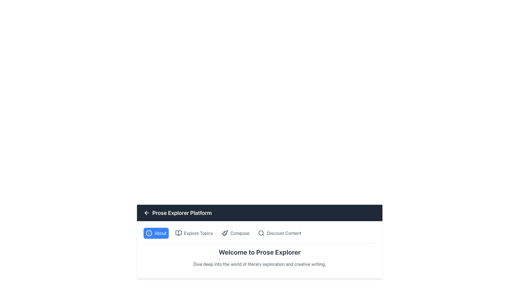  Describe the element at coordinates (156, 233) in the screenshot. I see `the 'About' button located in the toolbar below the 'Prose Explorer Platform' header` at that location.